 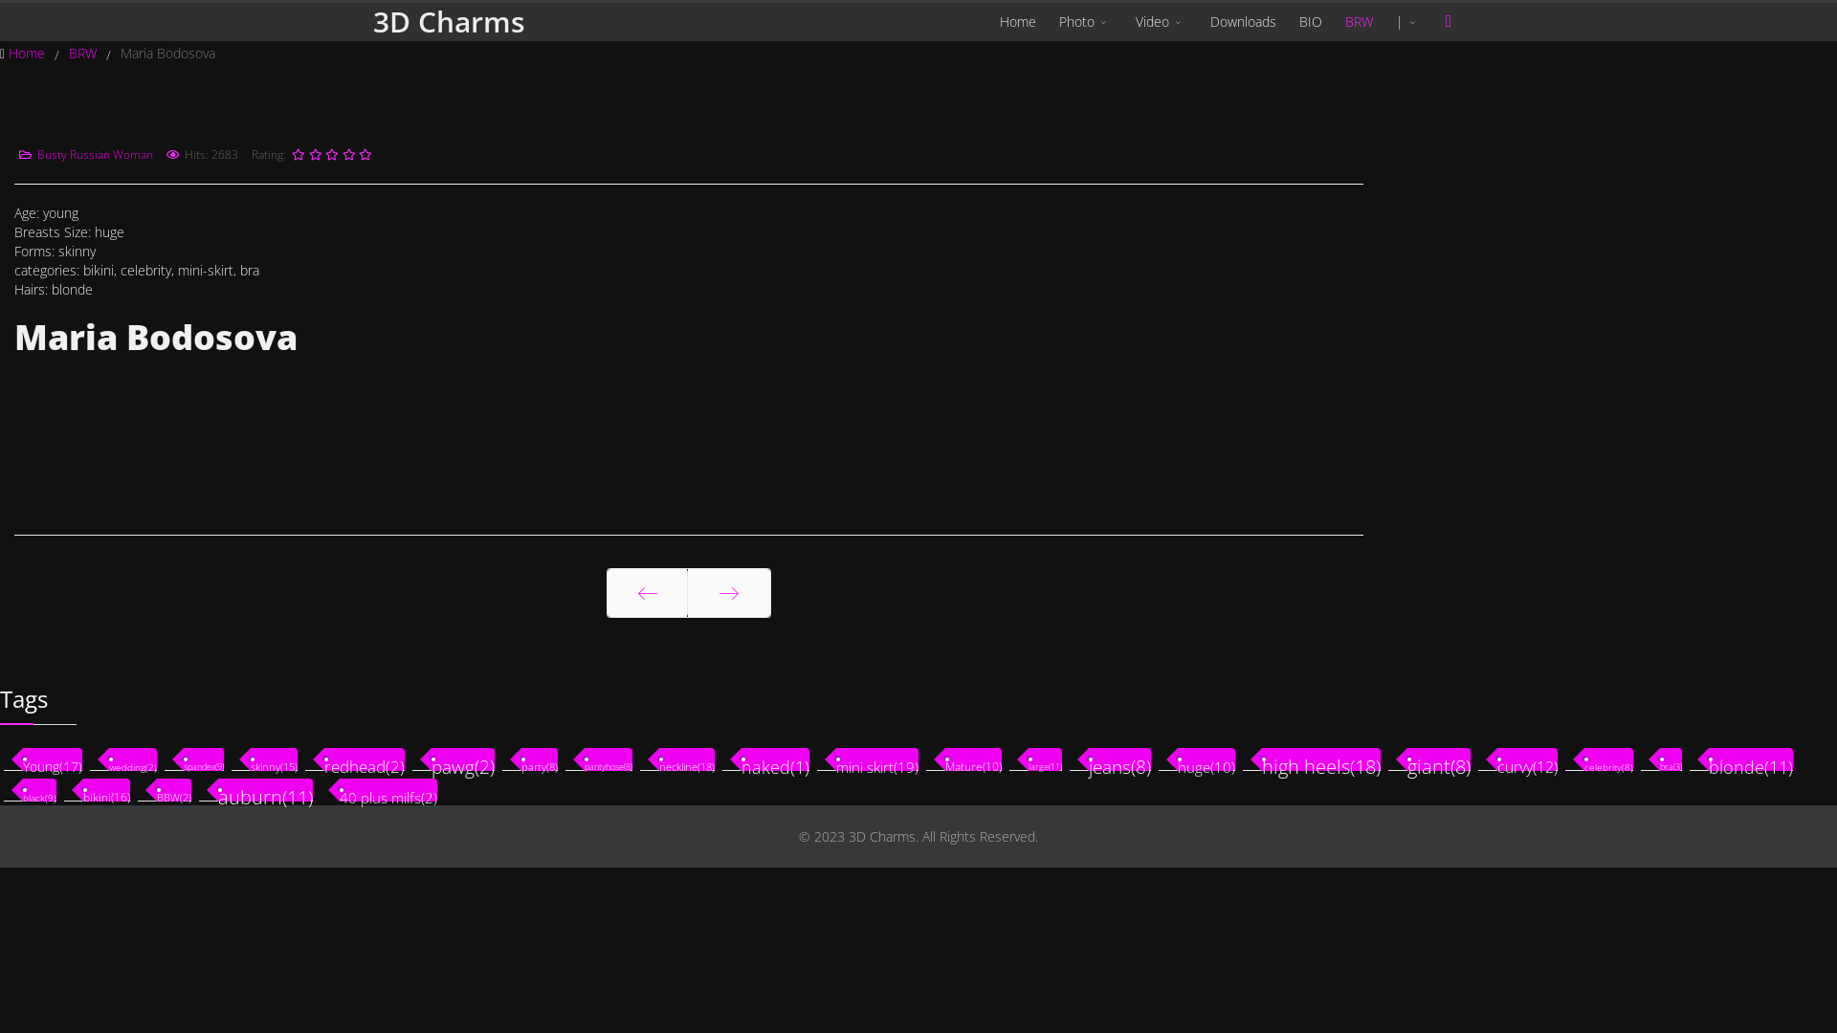 I want to click on 'BIO', so click(x=1309, y=22).